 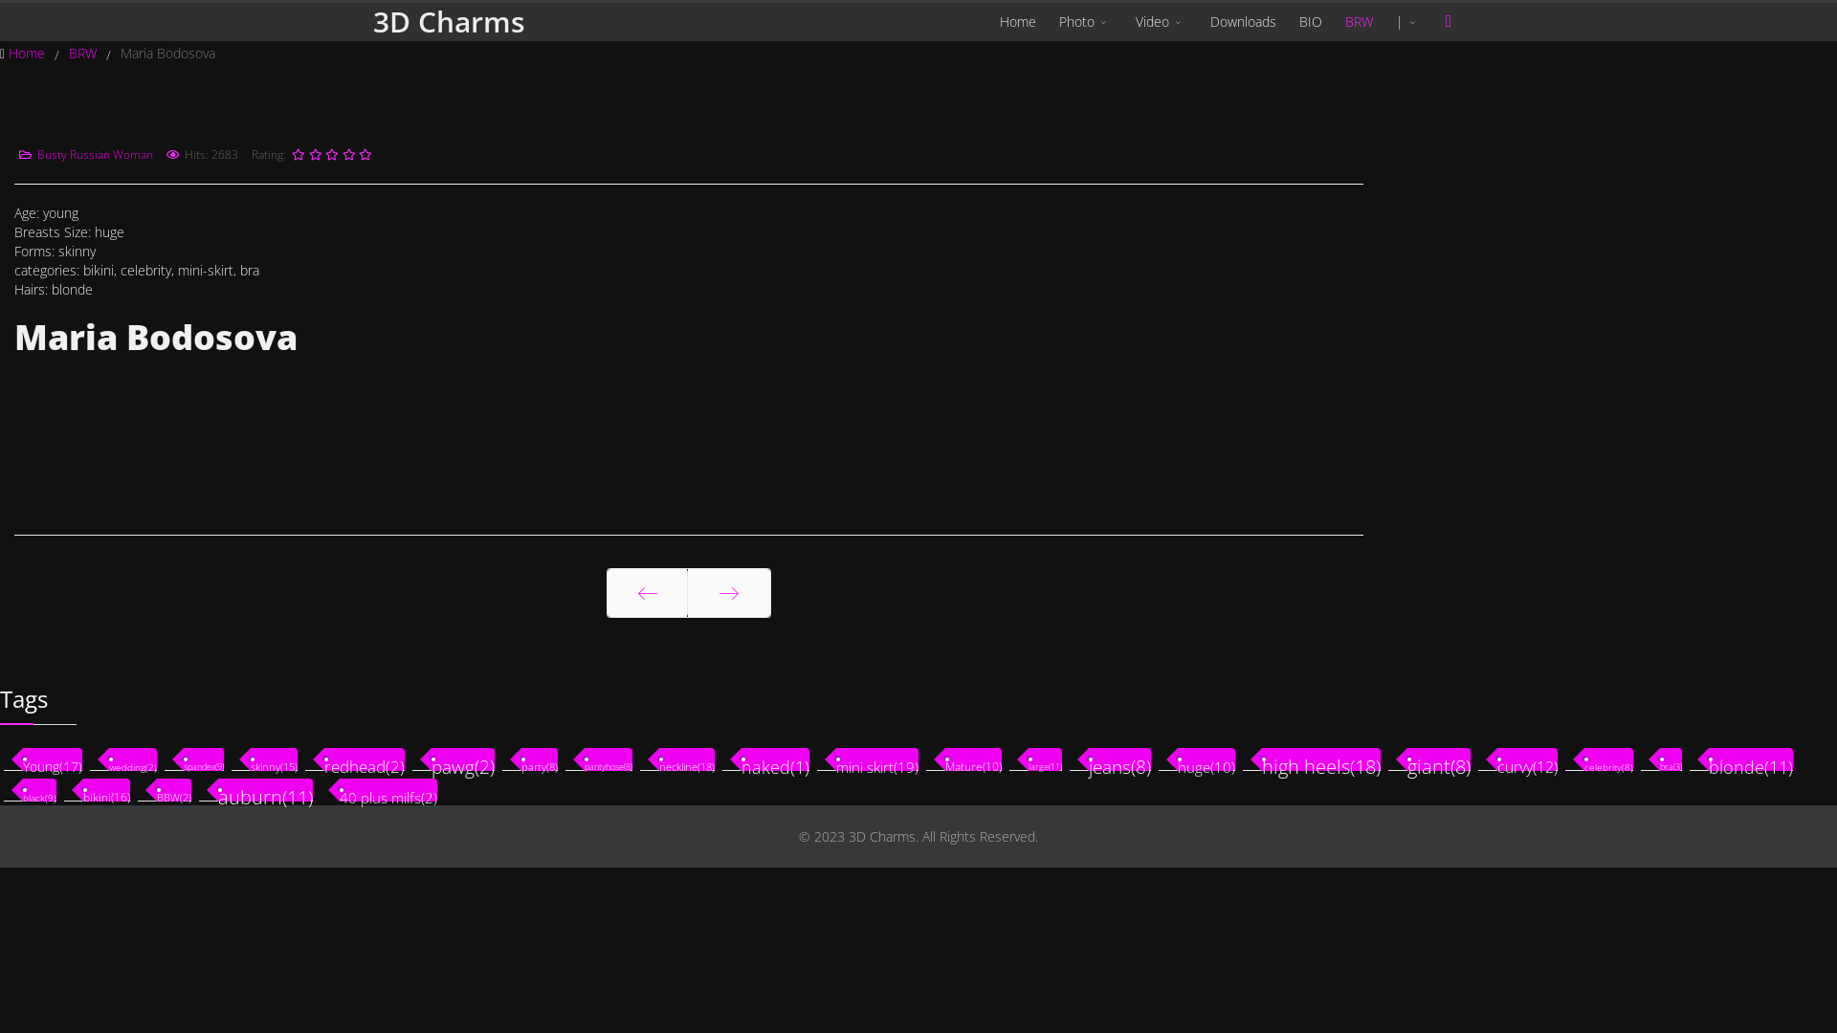 I want to click on 'BIO', so click(x=1309, y=22).